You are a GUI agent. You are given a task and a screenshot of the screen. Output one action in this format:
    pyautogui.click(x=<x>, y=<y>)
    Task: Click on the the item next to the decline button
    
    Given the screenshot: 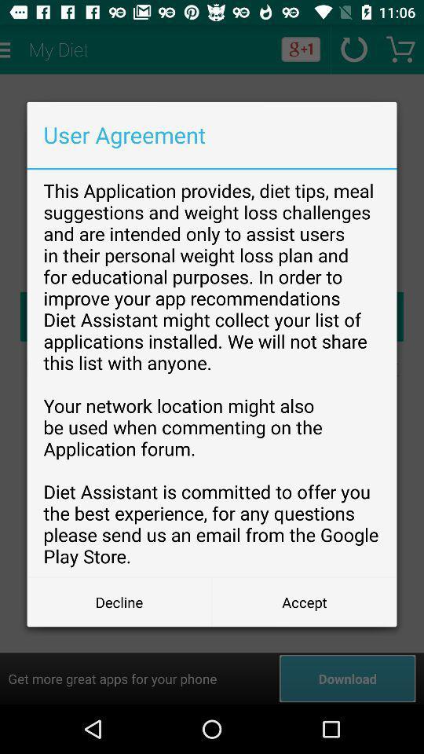 What is the action you would take?
    pyautogui.click(x=304, y=601)
    